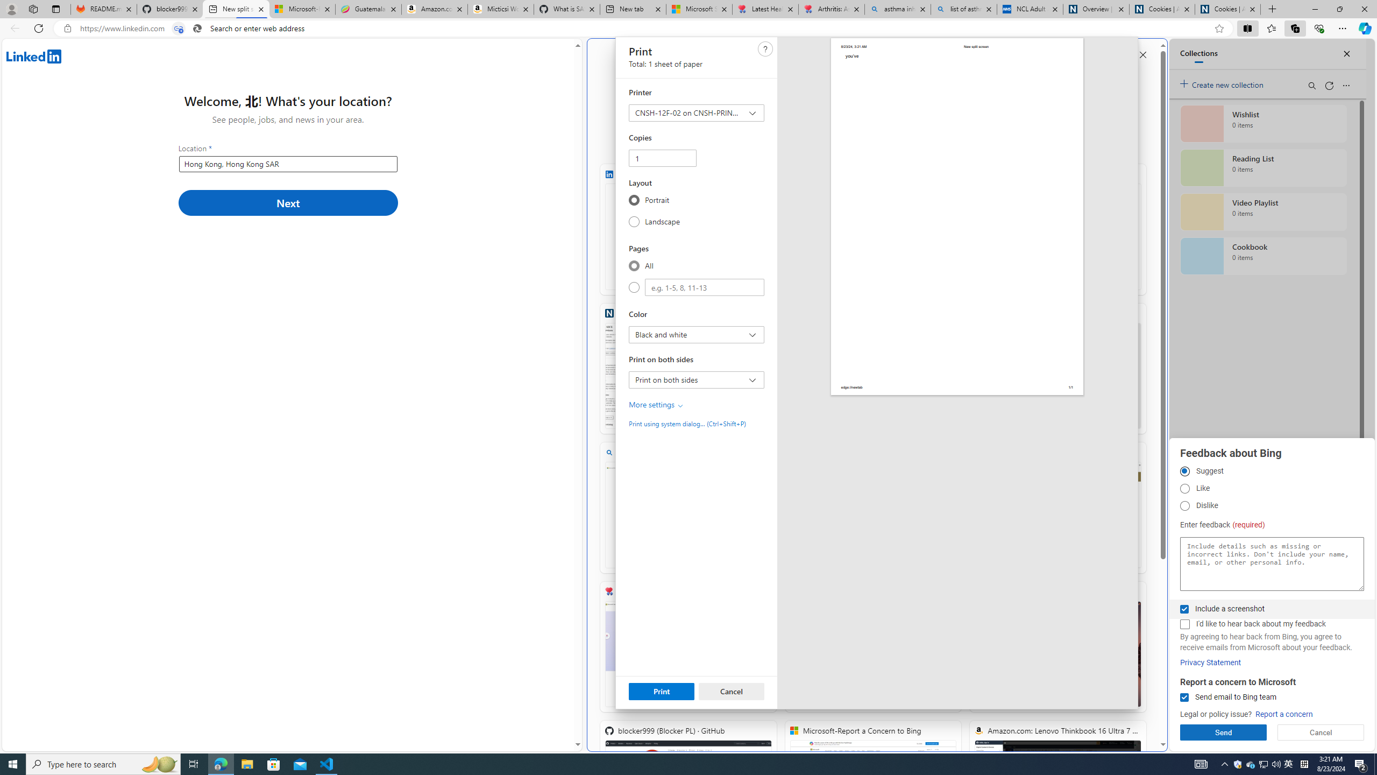 The width and height of the screenshot is (1377, 775). Describe the element at coordinates (634, 265) in the screenshot. I see `'All'` at that location.